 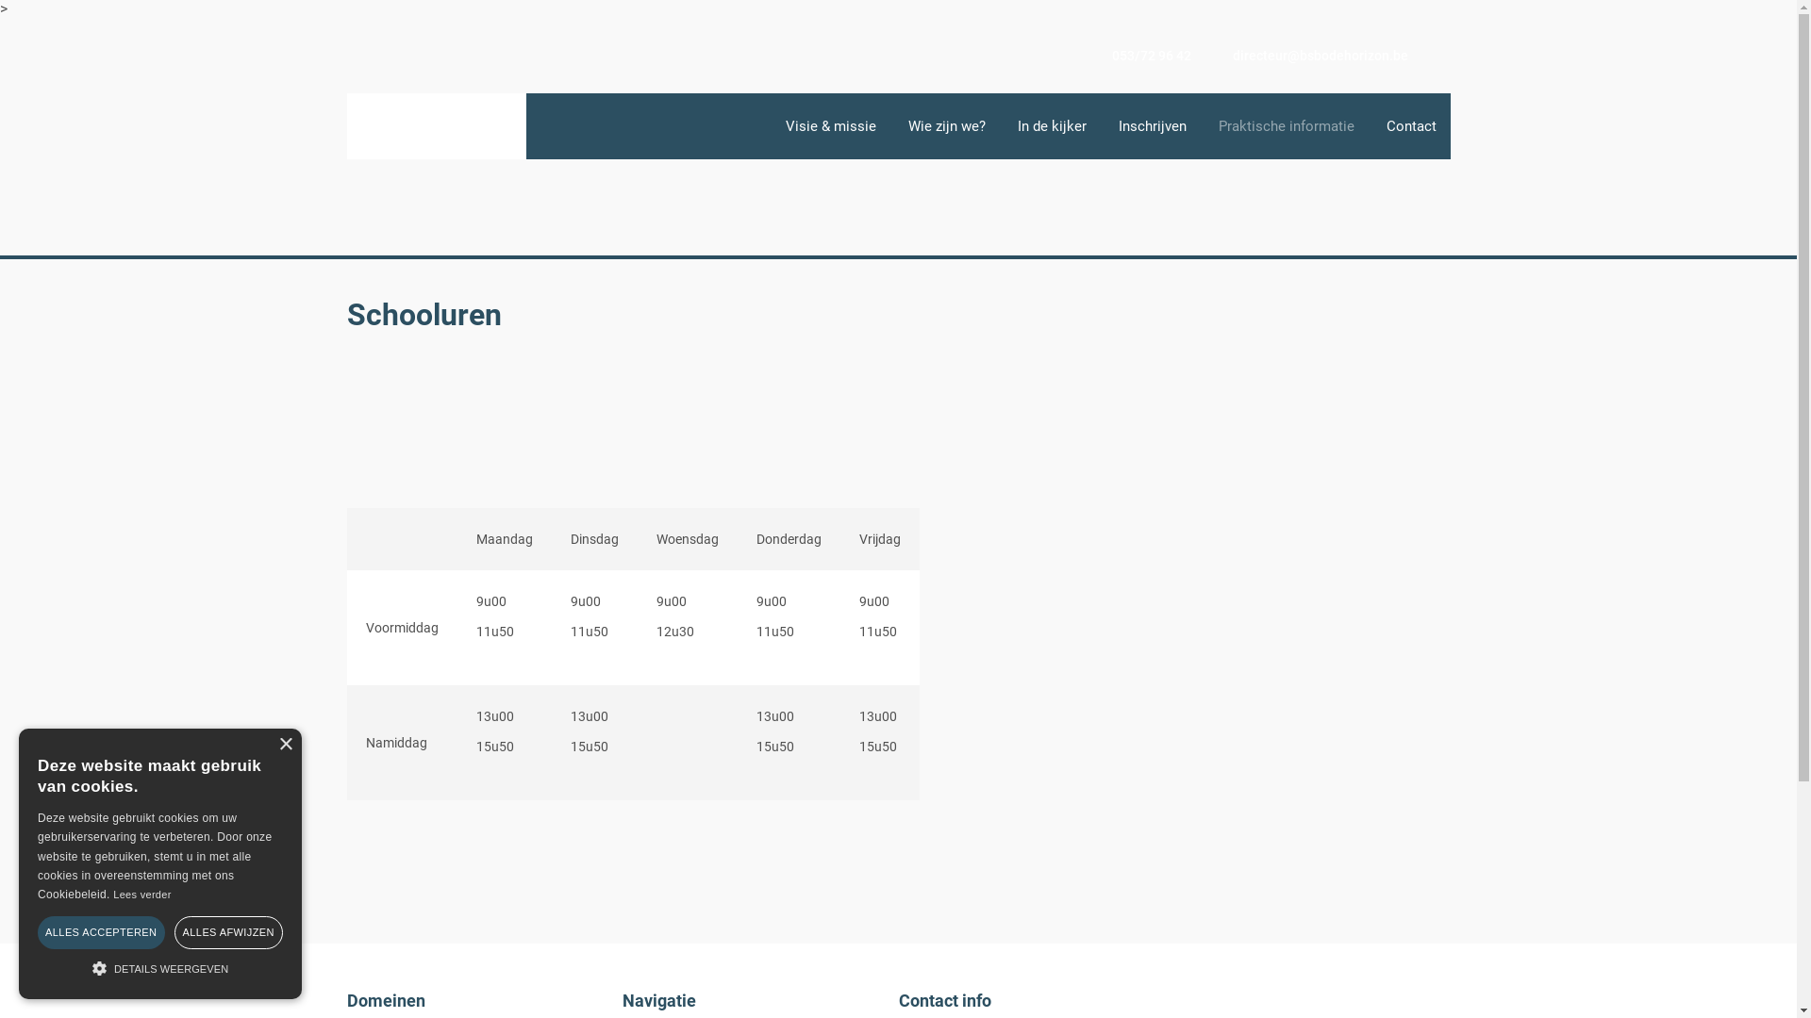 What do you see at coordinates (752, 126) in the screenshot?
I see `'Homepagina'` at bounding box center [752, 126].